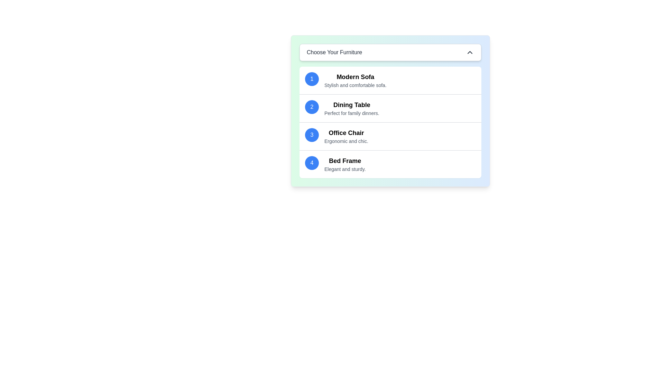  What do you see at coordinates (470, 52) in the screenshot?
I see `the Chevron dropdown indicator icon located to the far right of the header containing the text 'Choose Your Furniture'` at bounding box center [470, 52].